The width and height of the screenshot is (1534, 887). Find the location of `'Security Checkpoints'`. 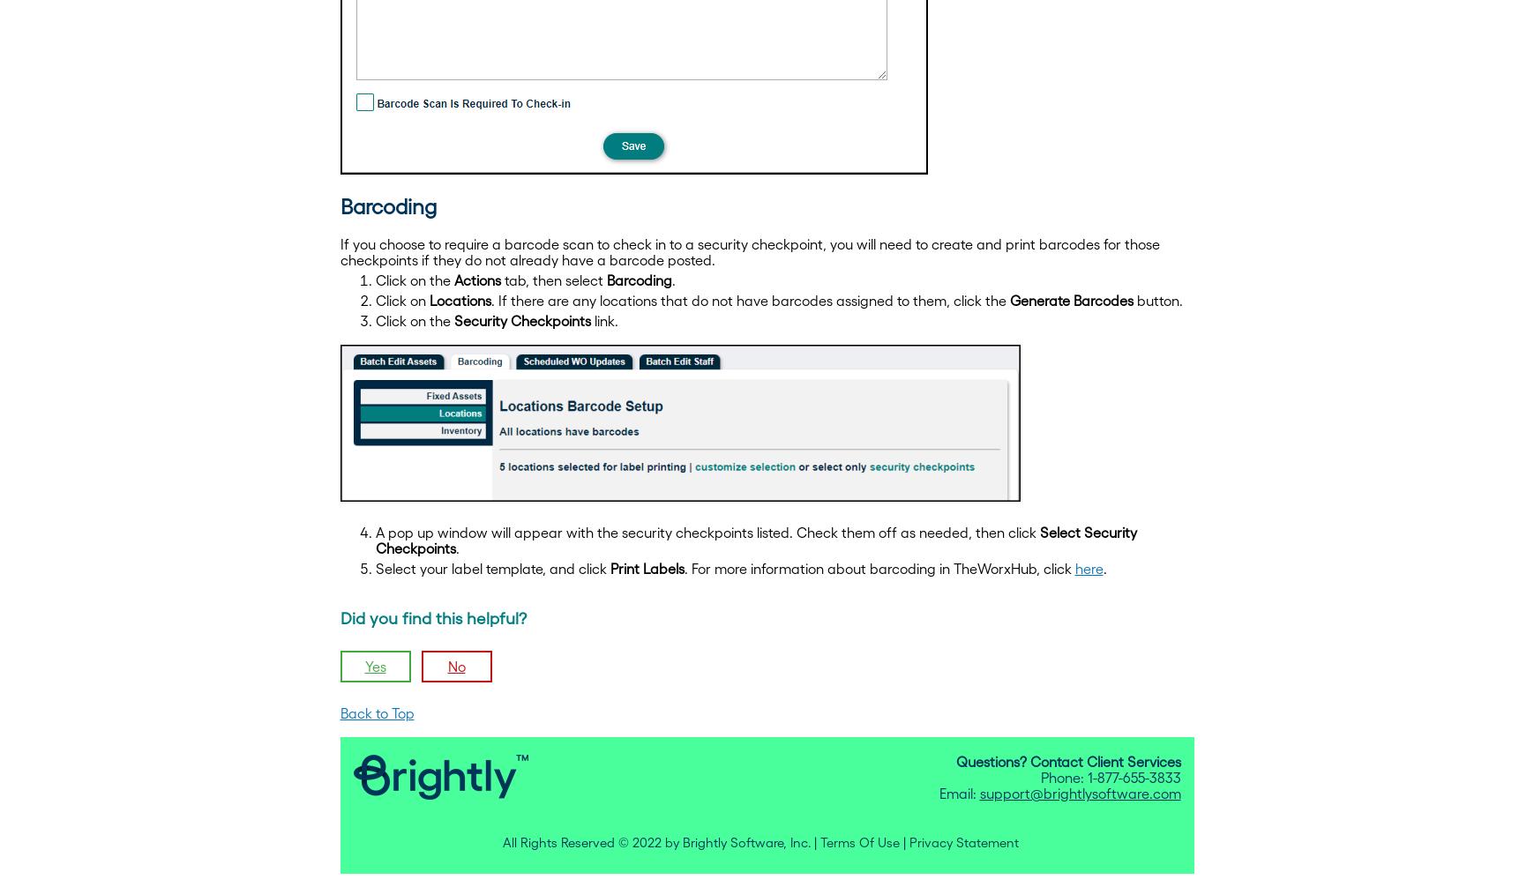

'Security Checkpoints' is located at coordinates (520, 318).